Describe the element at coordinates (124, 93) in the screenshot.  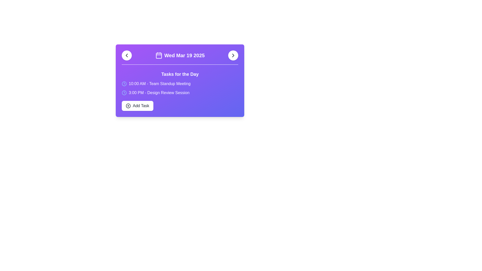
I see `the light blue clock icon located to the left of the text '3:00 PM - Design Review Session' within the schedule card` at that location.